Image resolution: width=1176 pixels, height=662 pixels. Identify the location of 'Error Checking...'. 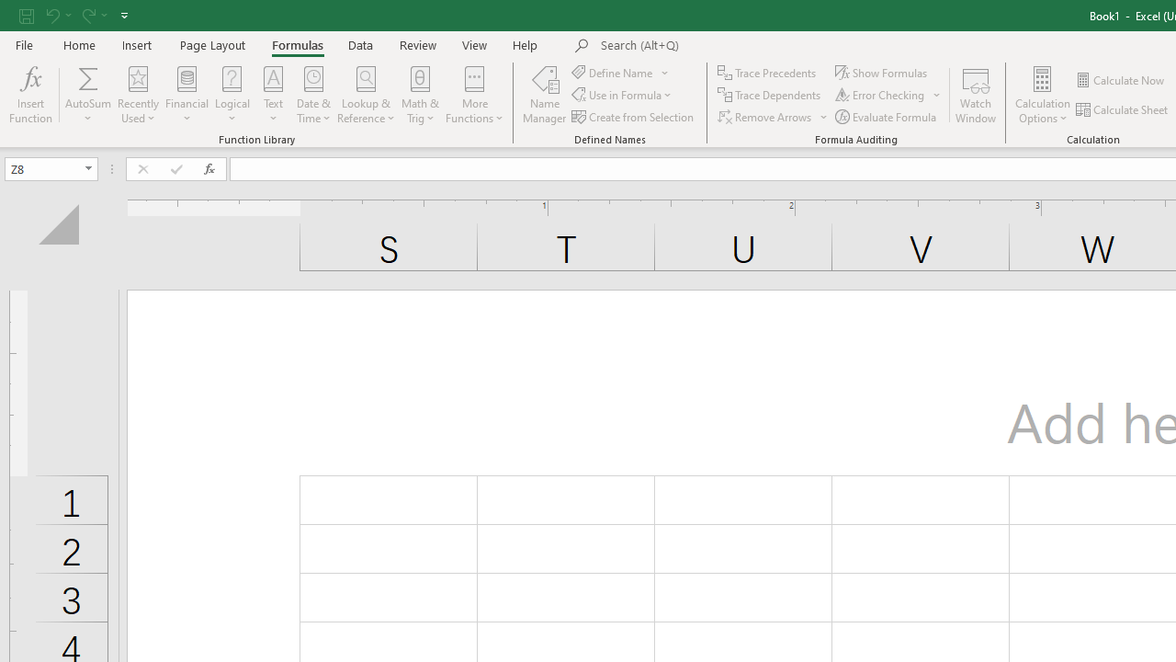
(888, 95).